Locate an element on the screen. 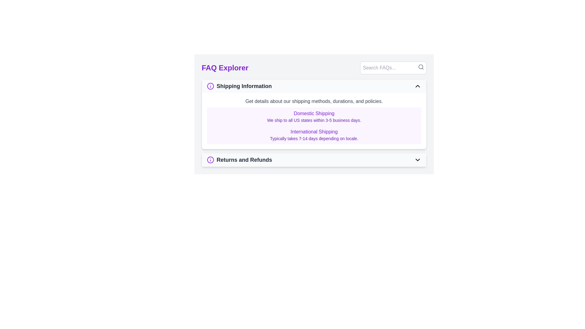 This screenshot has height=329, width=585. the Informational Panel which has a light purple background and contains the text 'International Shipping' and delivery times is located at coordinates (314, 135).